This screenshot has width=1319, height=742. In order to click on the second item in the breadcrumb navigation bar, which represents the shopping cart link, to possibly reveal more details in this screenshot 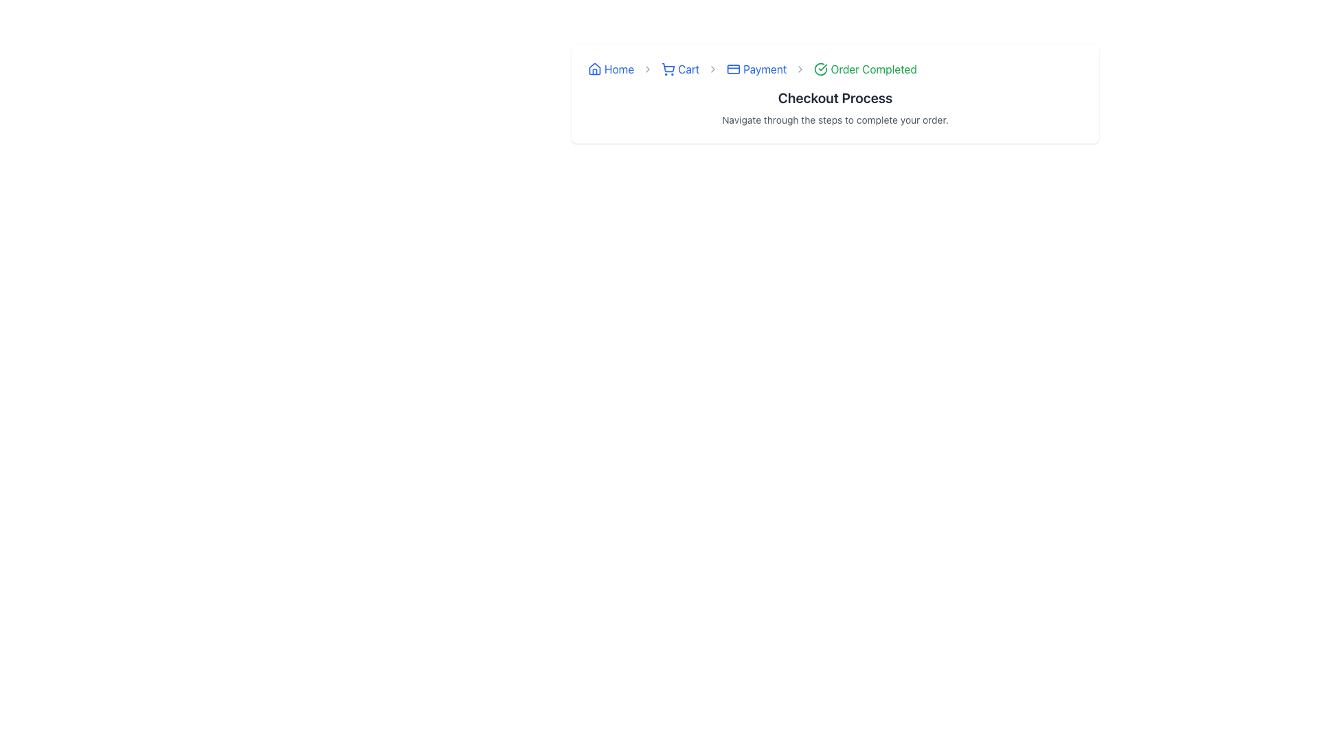, I will do `click(680, 69)`.